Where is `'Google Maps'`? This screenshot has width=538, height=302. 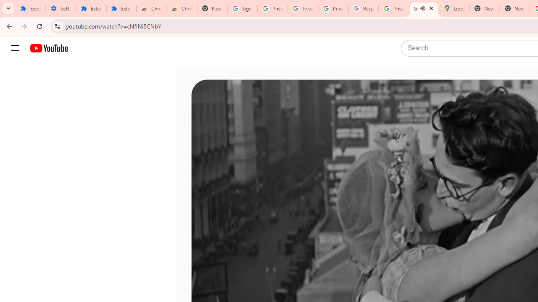 'Google Maps' is located at coordinates (454, 8).